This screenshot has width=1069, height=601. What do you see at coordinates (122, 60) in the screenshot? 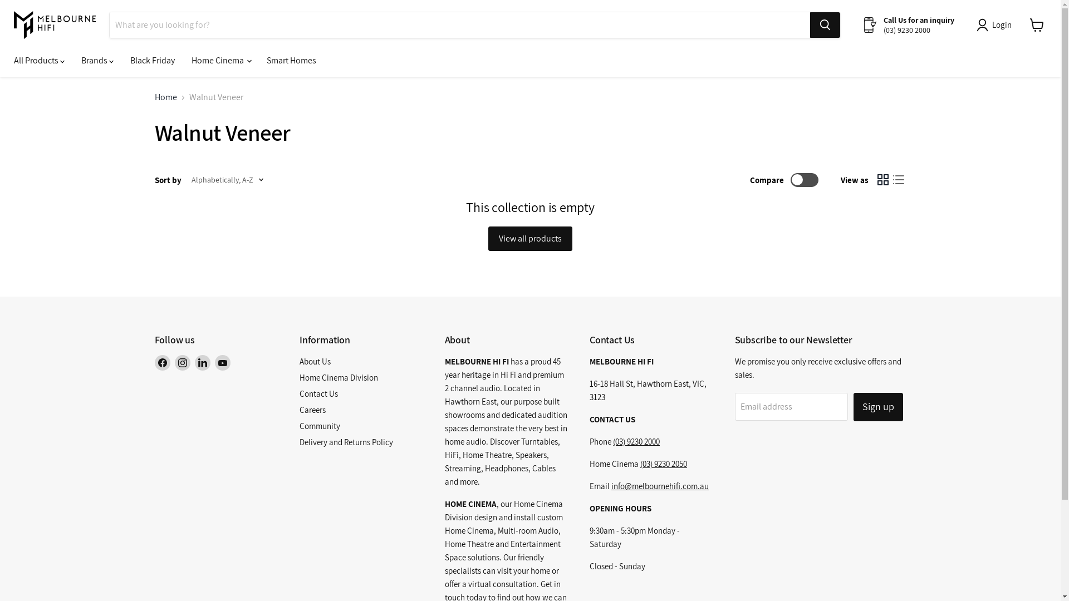
I see `'Black Friday'` at bounding box center [122, 60].